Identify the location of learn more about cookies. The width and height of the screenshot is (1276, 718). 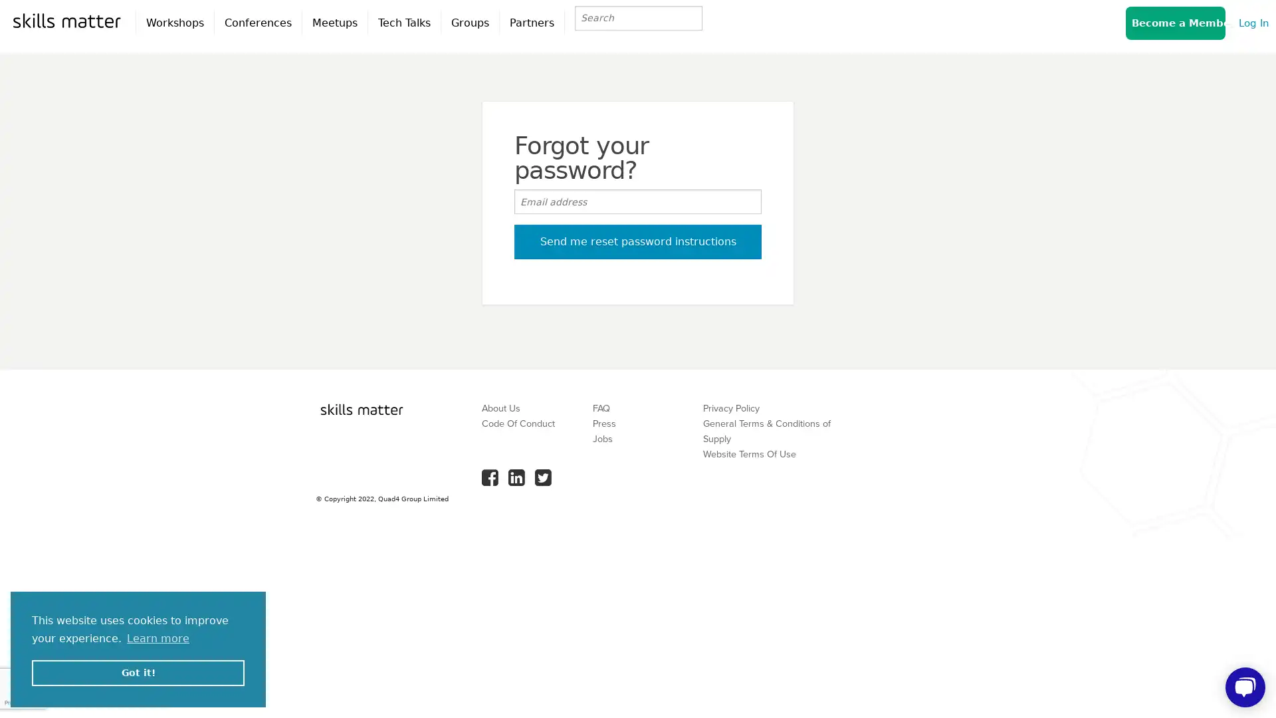
(158, 638).